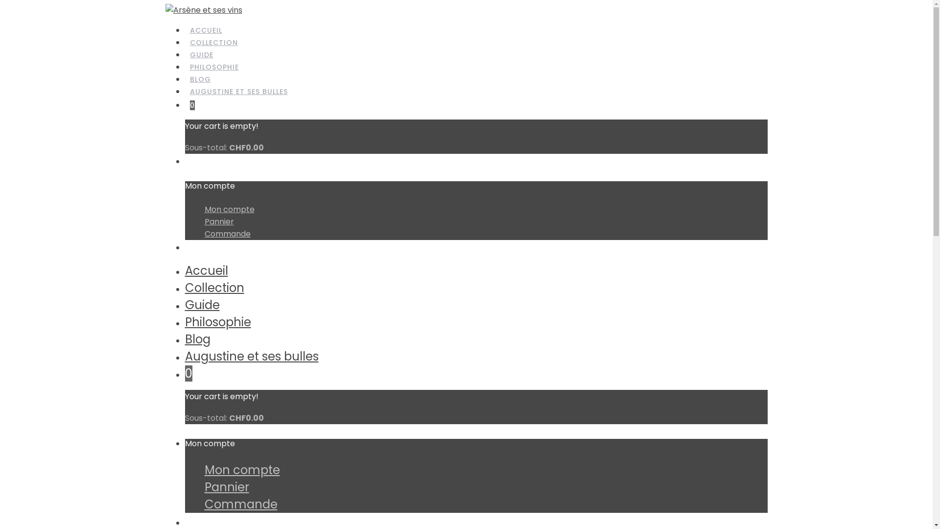 The height and width of the screenshot is (529, 940). Describe the element at coordinates (227, 234) in the screenshot. I see `'Commande'` at that location.